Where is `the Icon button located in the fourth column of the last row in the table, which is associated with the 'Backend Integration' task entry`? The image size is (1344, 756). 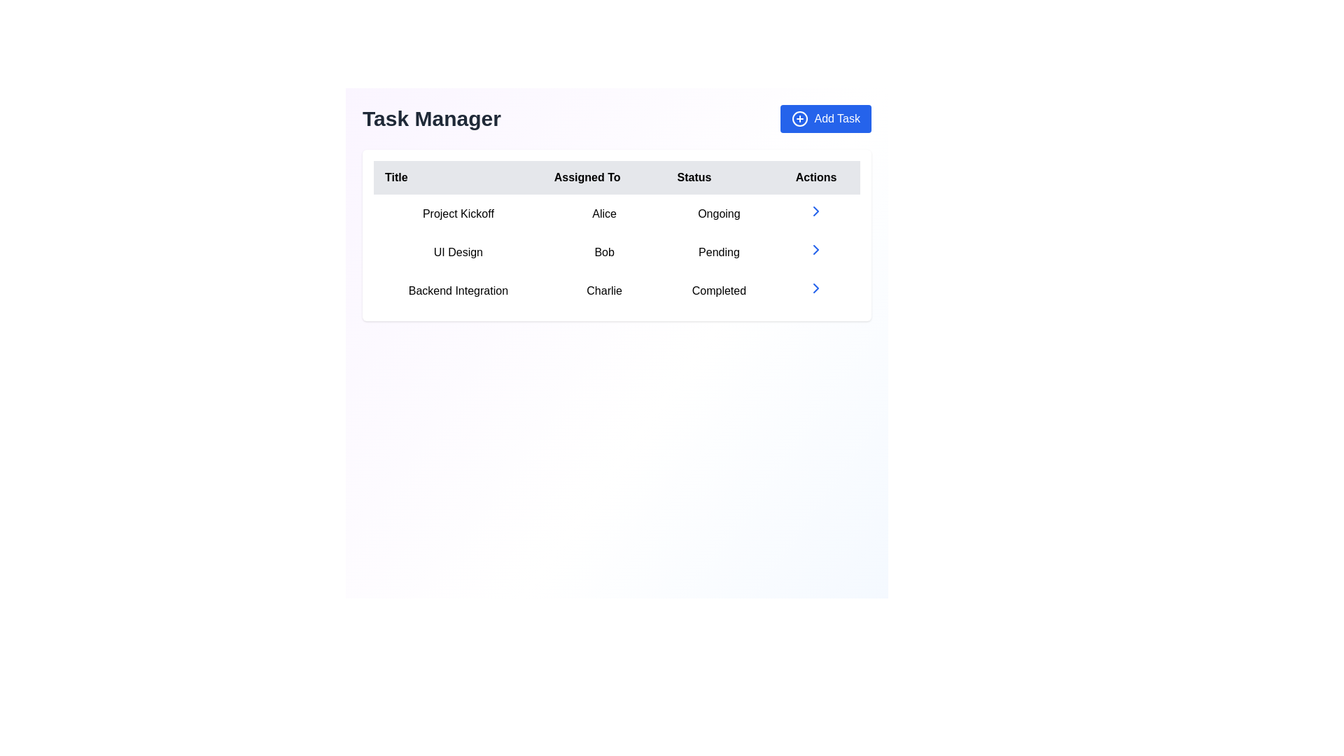 the Icon button located in the fourth column of the last row in the table, which is associated with the 'Backend Integration' task entry is located at coordinates (816, 290).